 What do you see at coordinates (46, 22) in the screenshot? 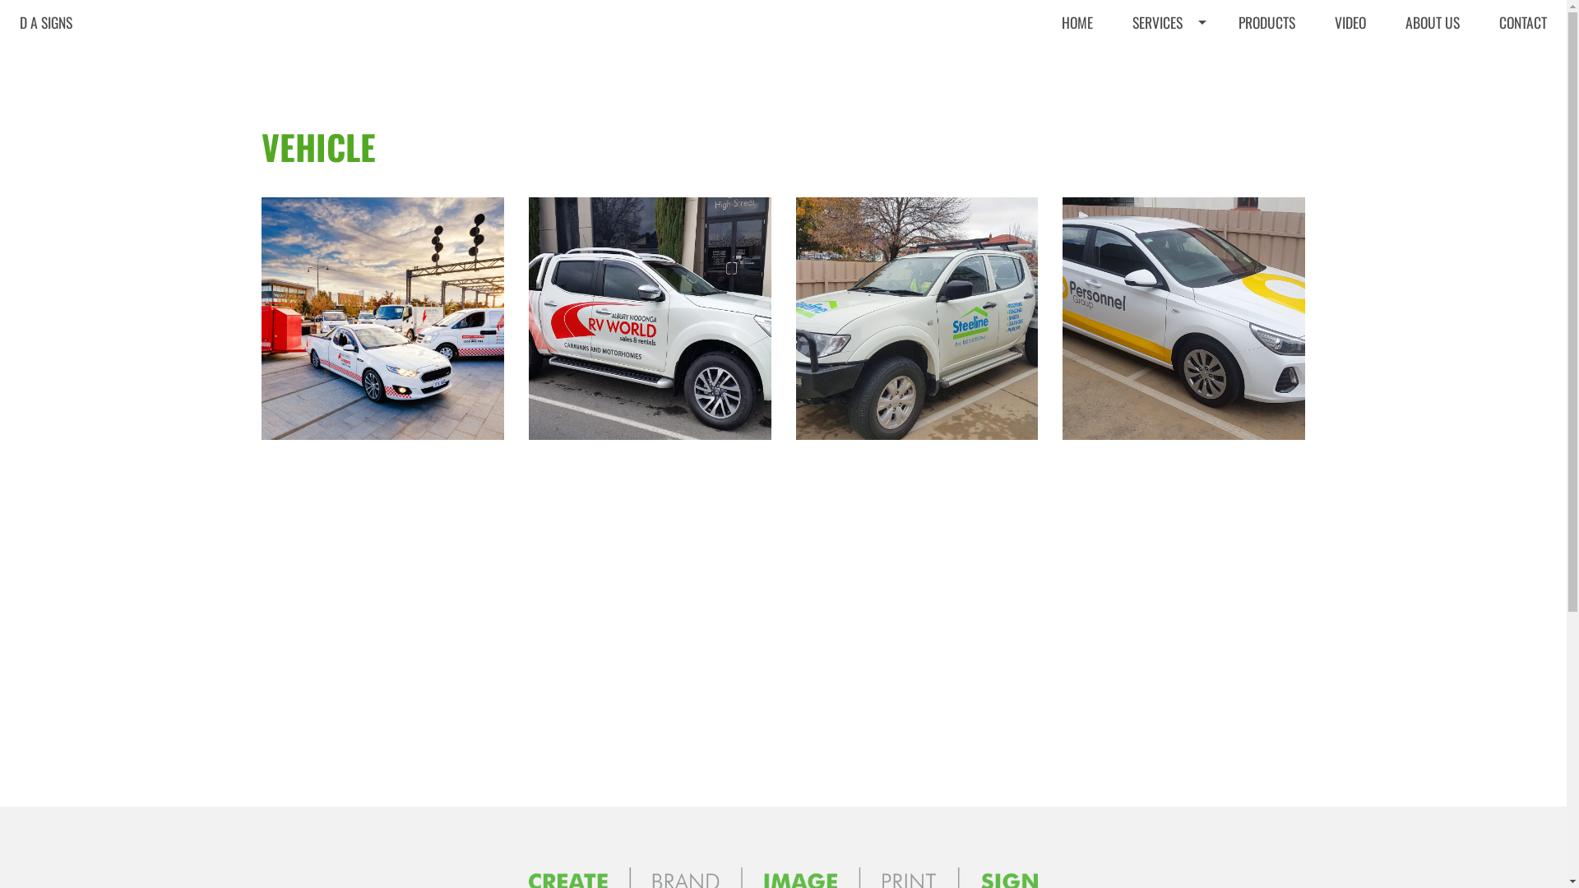
I see `'D A SIGNS'` at bounding box center [46, 22].